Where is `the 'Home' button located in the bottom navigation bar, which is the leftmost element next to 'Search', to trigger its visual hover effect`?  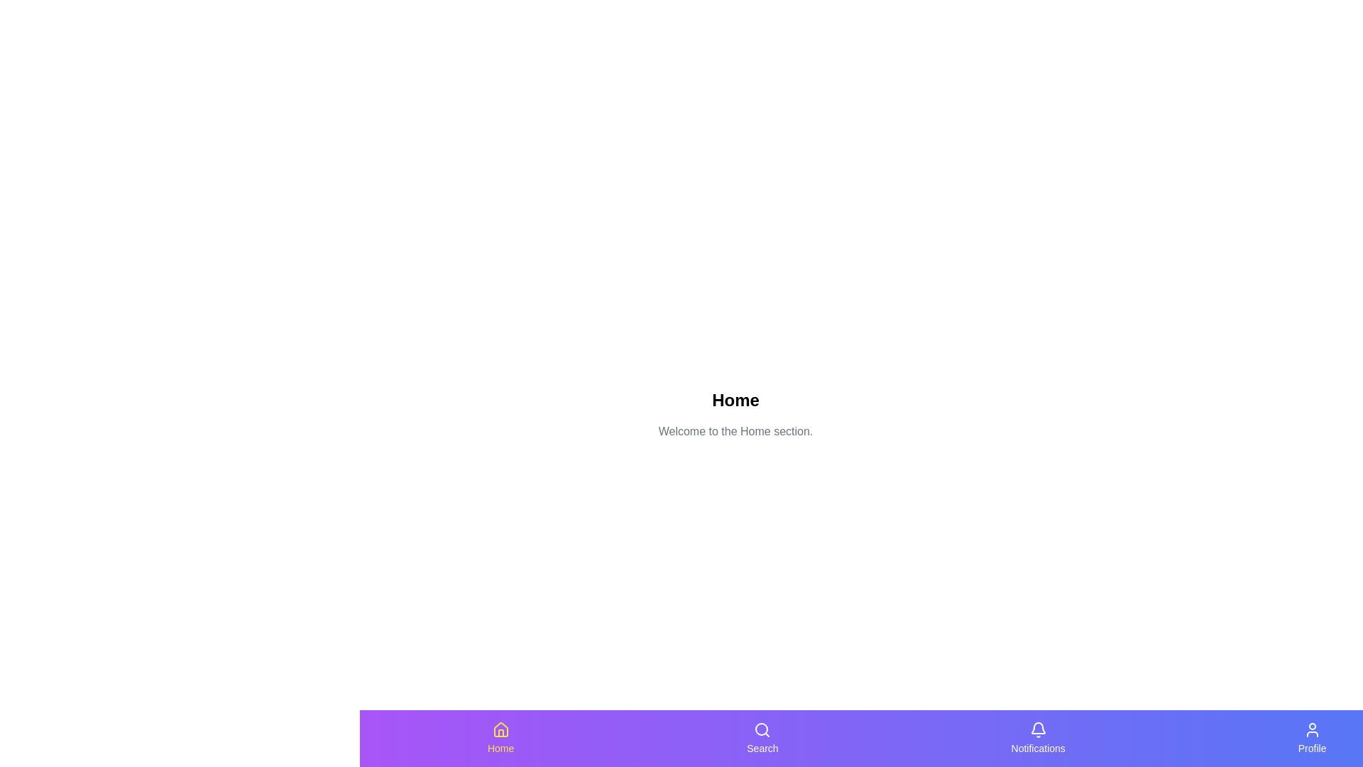
the 'Home' button located in the bottom navigation bar, which is the leftmost element next to 'Search', to trigger its visual hover effect is located at coordinates (500, 738).